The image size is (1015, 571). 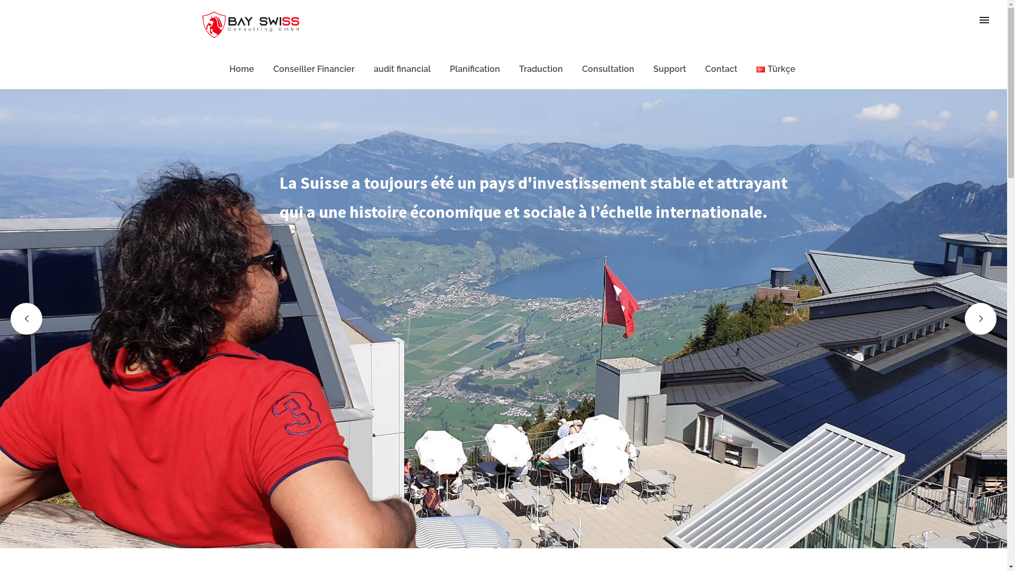 I want to click on 'Planification', so click(x=474, y=69).